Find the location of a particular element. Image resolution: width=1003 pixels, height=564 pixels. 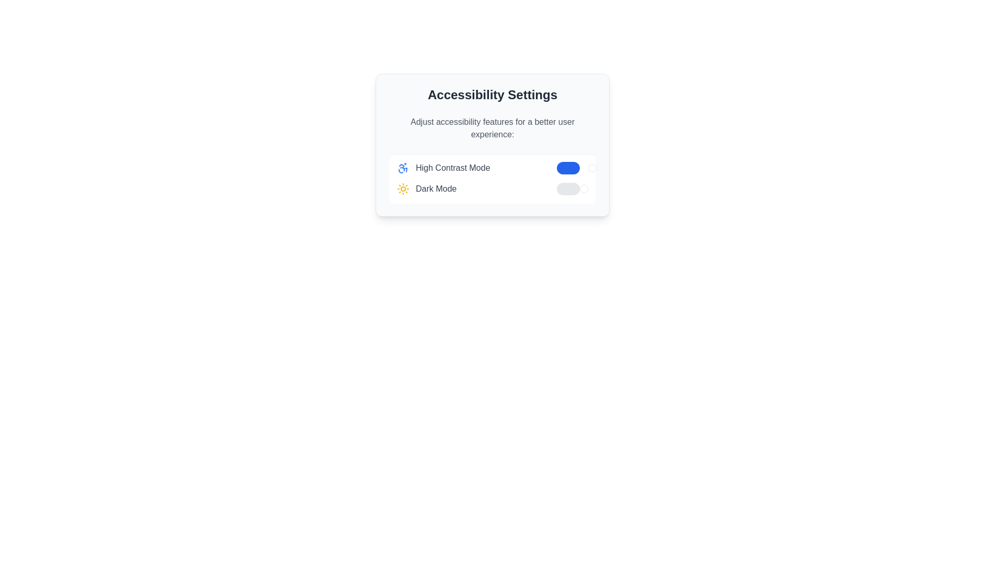

the 'High Contrast Mode' label and icon in the 'Accessibility Settings' section, which features a blue accessibility icon to the left of the label is located at coordinates (444, 167).